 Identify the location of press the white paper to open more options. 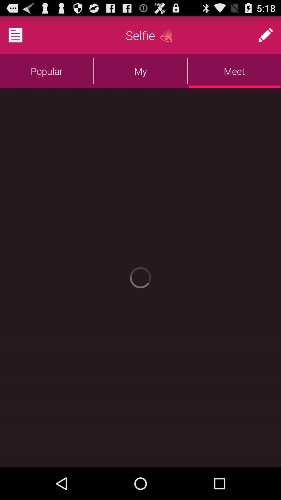
(22, 35).